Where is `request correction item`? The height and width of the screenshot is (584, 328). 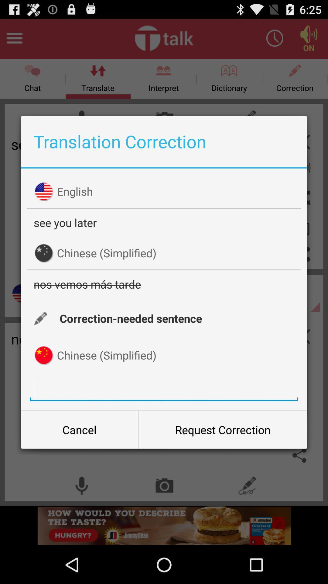
request correction item is located at coordinates (223, 429).